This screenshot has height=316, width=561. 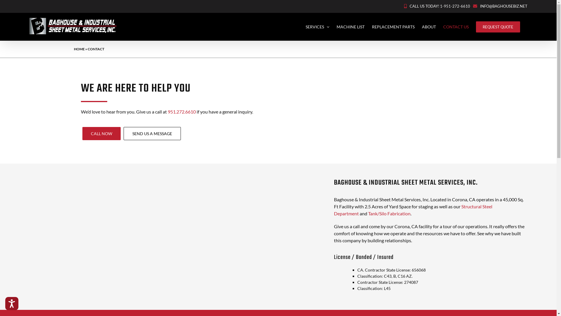 I want to click on 'ABOUT', so click(x=429, y=27).